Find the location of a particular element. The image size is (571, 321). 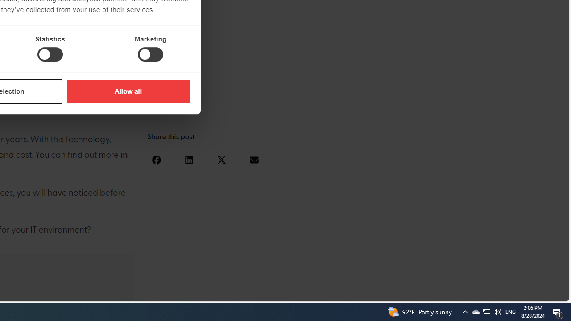

'Share on facebook' is located at coordinates (156, 159).